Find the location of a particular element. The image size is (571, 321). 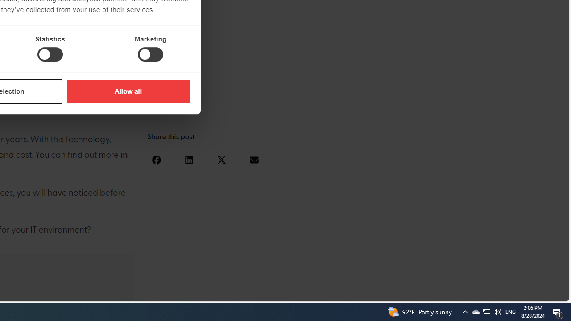

'Share on facebook' is located at coordinates (156, 159).